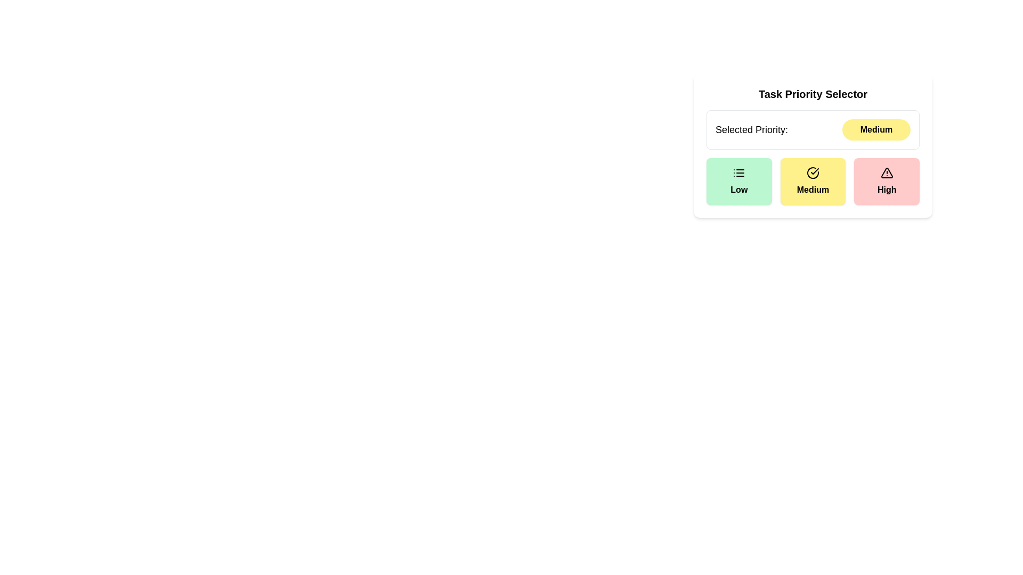 This screenshot has height=575, width=1023. Describe the element at coordinates (738, 180) in the screenshot. I see `the priority level Low by clicking on the corresponding button` at that location.